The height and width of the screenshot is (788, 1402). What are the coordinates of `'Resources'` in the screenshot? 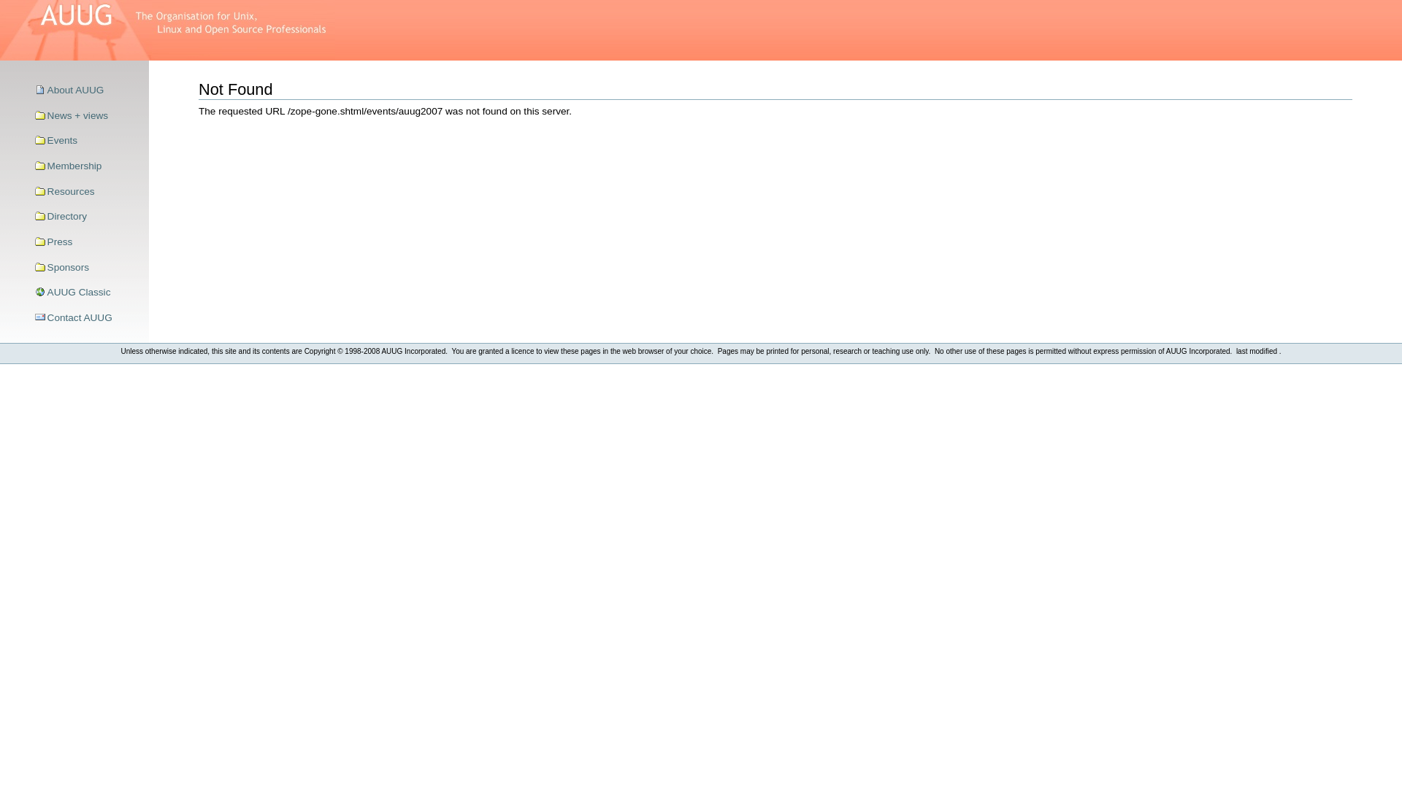 It's located at (86, 190).